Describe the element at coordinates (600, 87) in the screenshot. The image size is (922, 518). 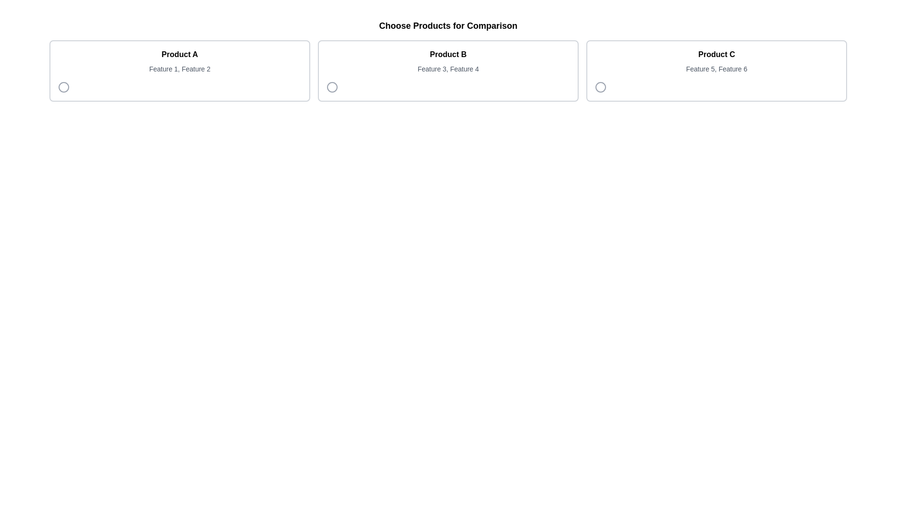
I see `the circular radio button located in the bottom-left corner of the card labeled 'Product C'` at that location.